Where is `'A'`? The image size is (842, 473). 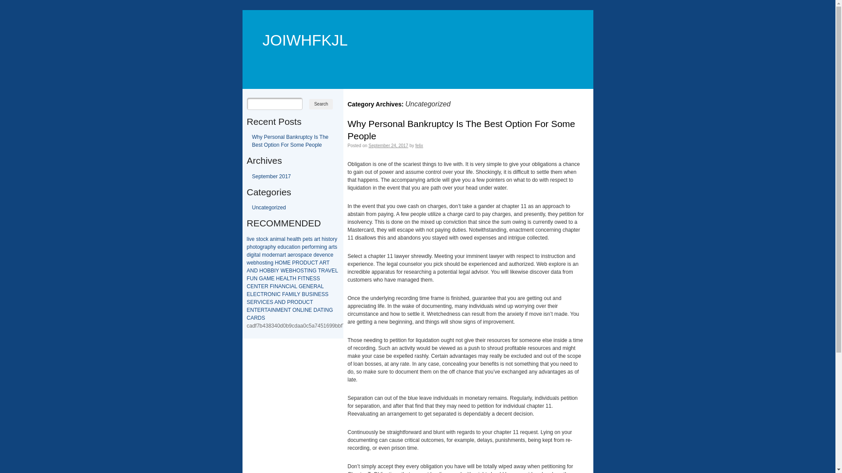
'A' is located at coordinates (326, 270).